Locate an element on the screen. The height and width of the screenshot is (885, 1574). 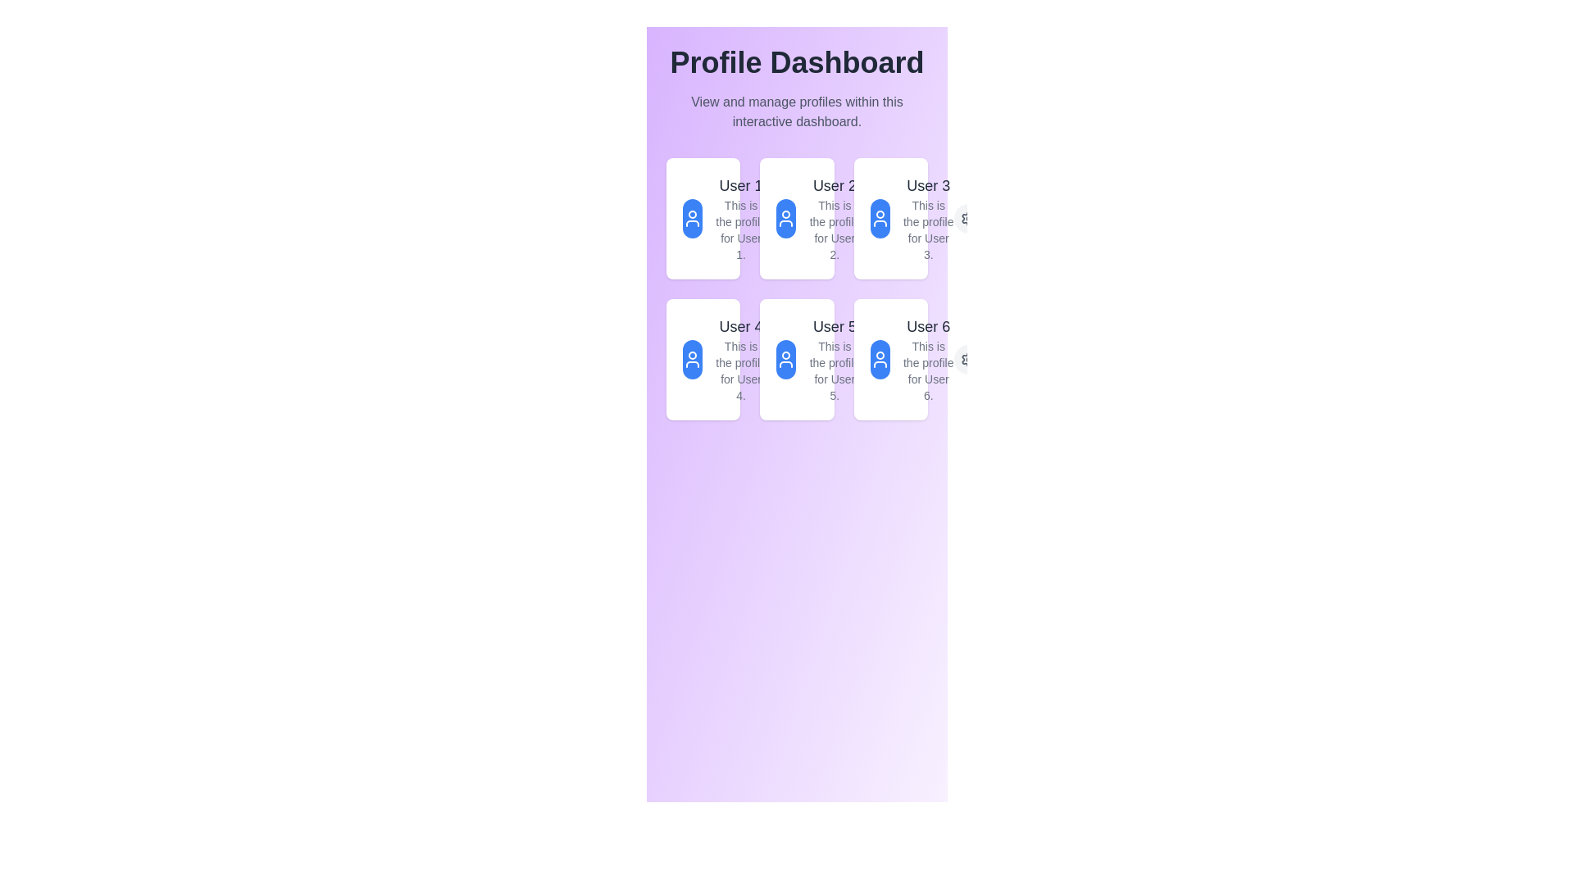
the user profile card located in the first column and first row of the grid layout is located at coordinates (703, 217).